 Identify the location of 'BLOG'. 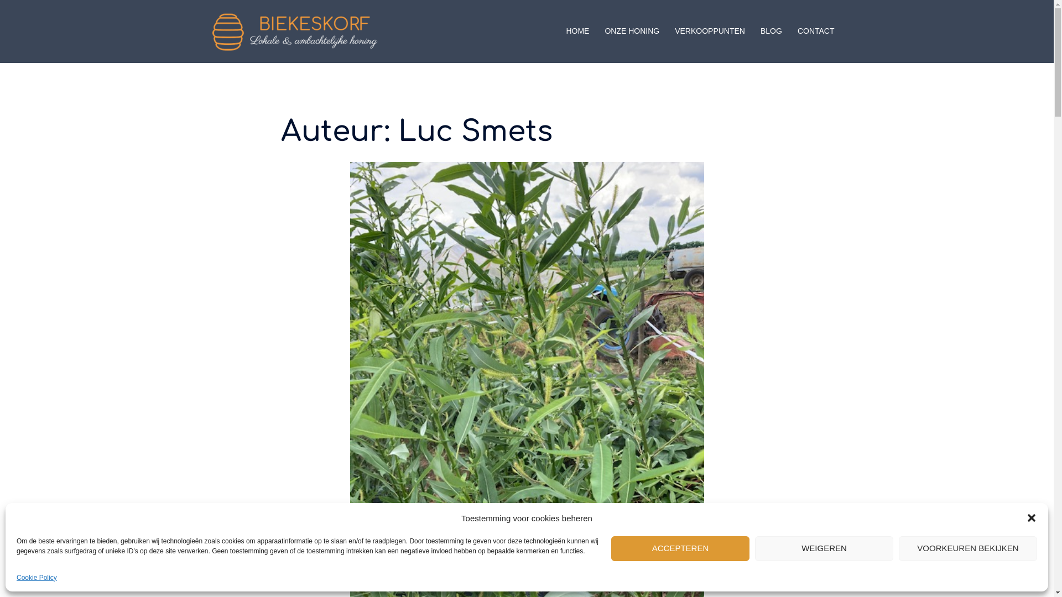
(759, 31).